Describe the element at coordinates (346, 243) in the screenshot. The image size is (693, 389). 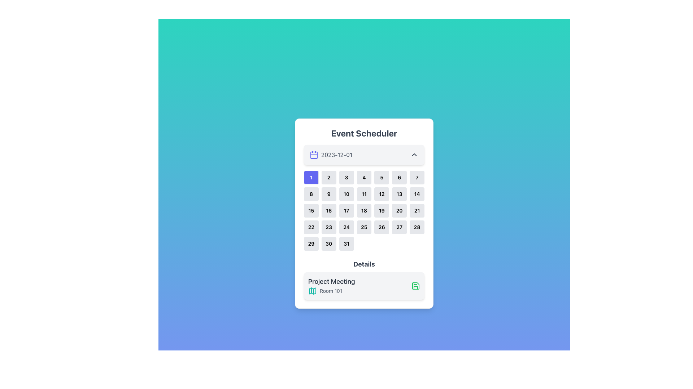
I see `the button that selects the date of the 31st in the calendar interface` at that location.